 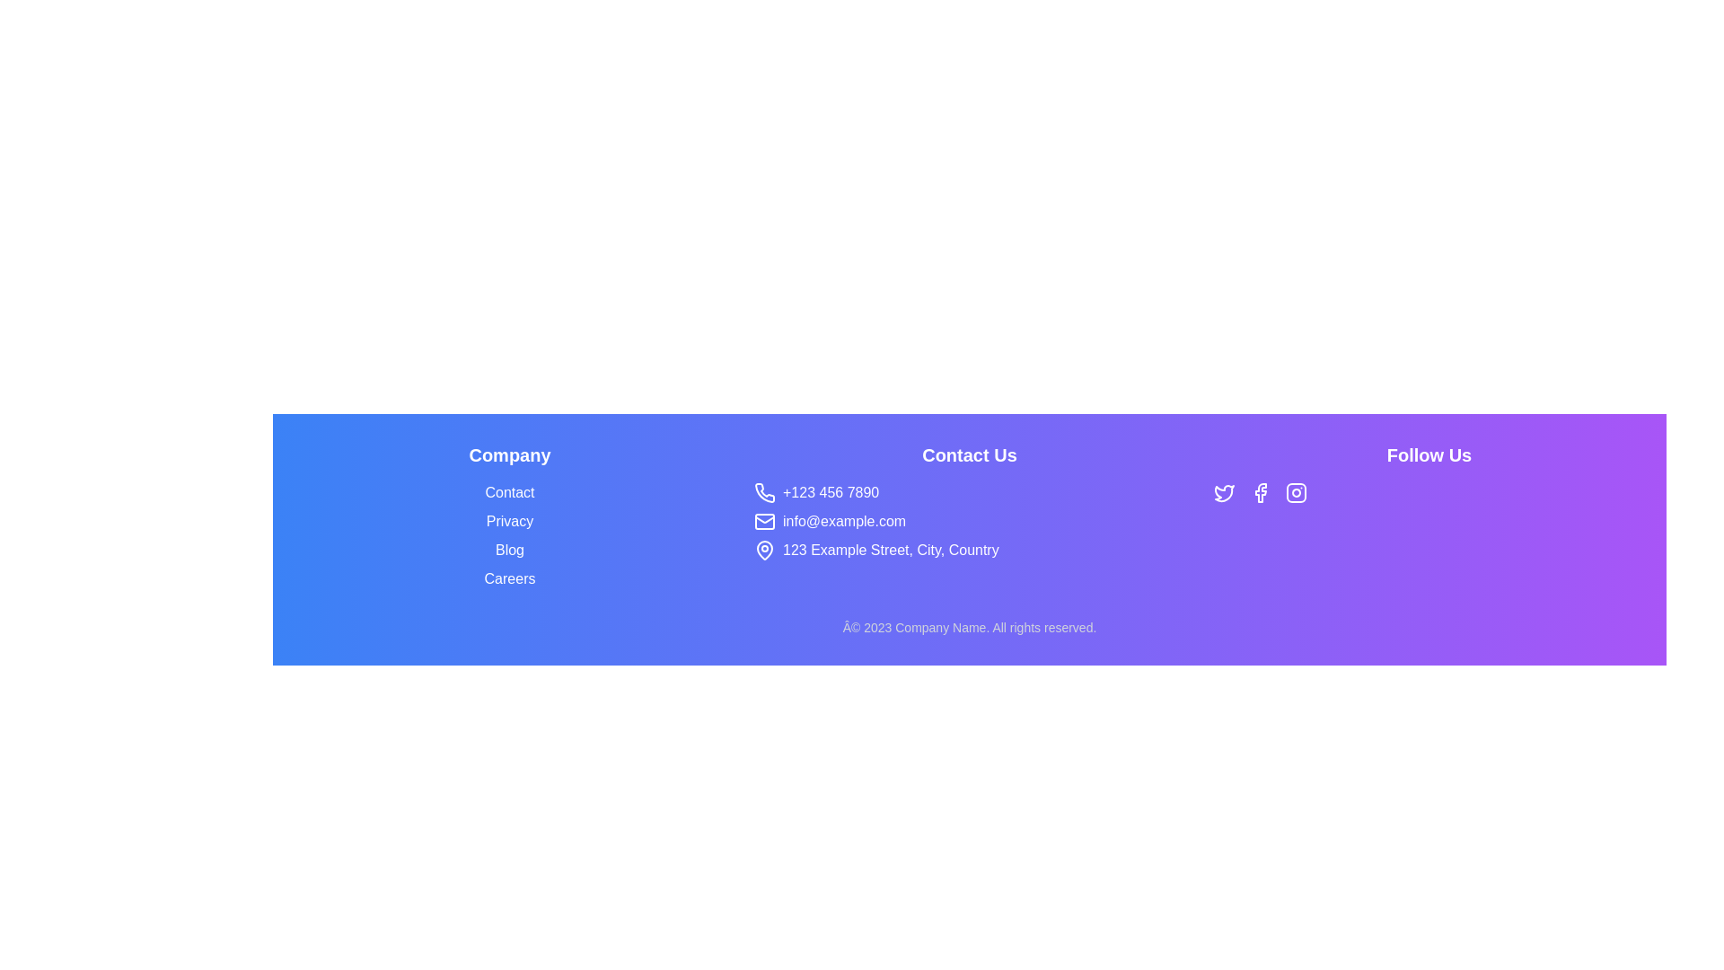 I want to click on the 'Blog' hyperlink in the 'Company' list in the footer to trigger the underlining effect, so click(x=508, y=549).